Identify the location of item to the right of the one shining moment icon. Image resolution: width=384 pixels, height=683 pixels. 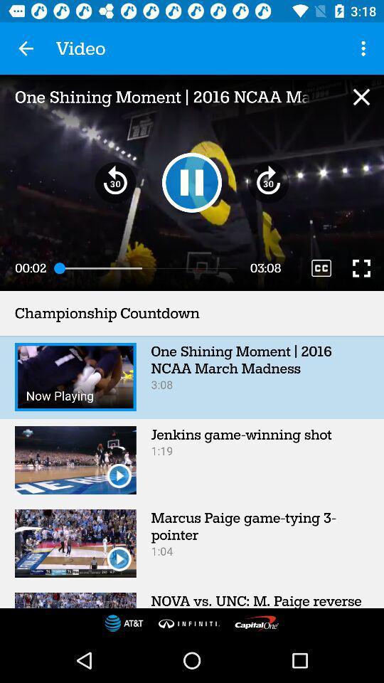
(361, 96).